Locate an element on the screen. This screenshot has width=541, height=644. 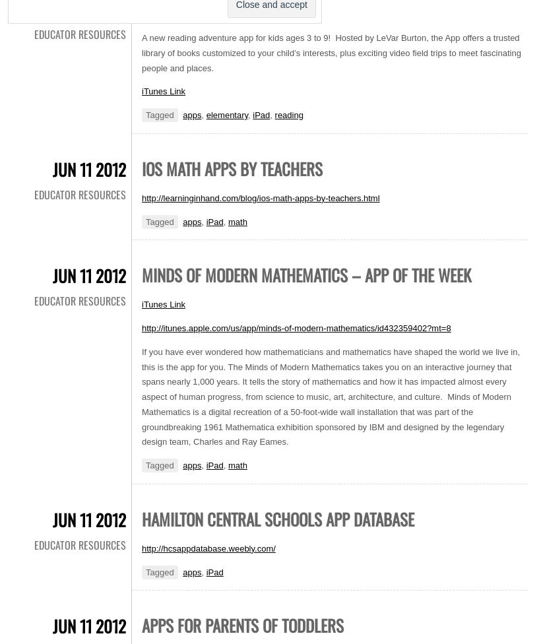
'A new reading adventure app for kids ages 3 to 9!  Hosted by LeVar Burton, the App offers a trusted library of books customized to your child’s interests, plus exciting video field trips to meet fascinating people and places.' is located at coordinates (331, 53).